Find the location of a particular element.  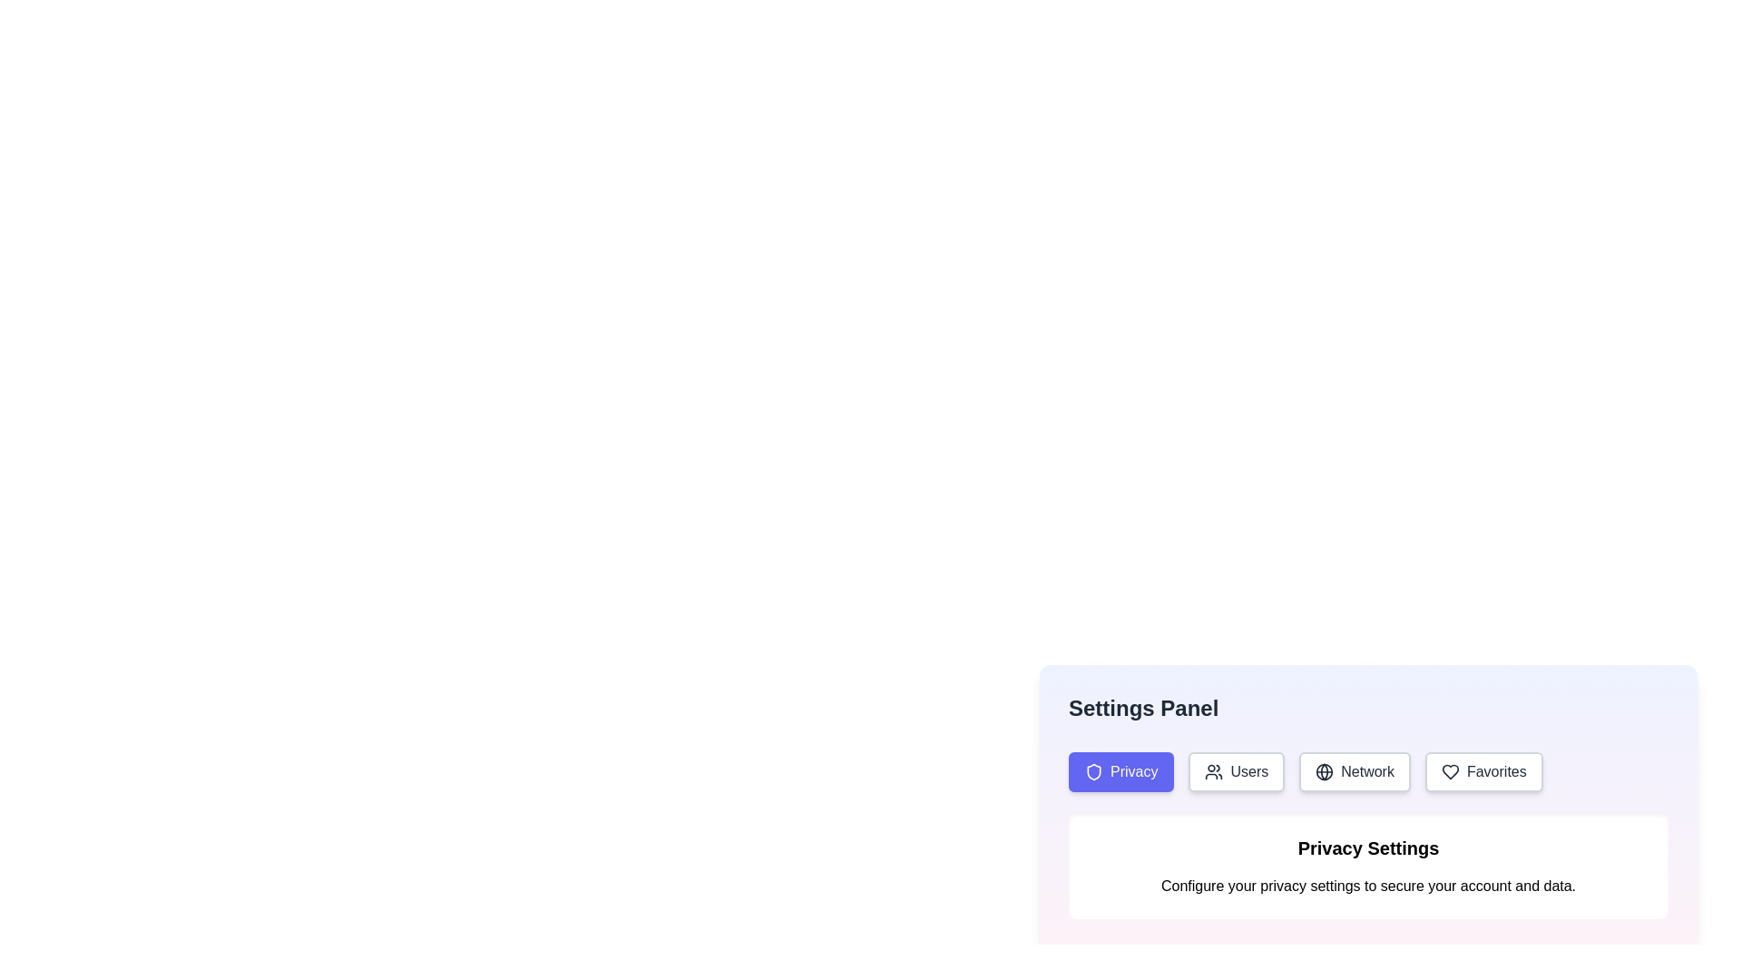

the 'Favorites' button represented by a red heart icon located at the bottom right corner of the settings panel to interact with it is located at coordinates (1449, 772).